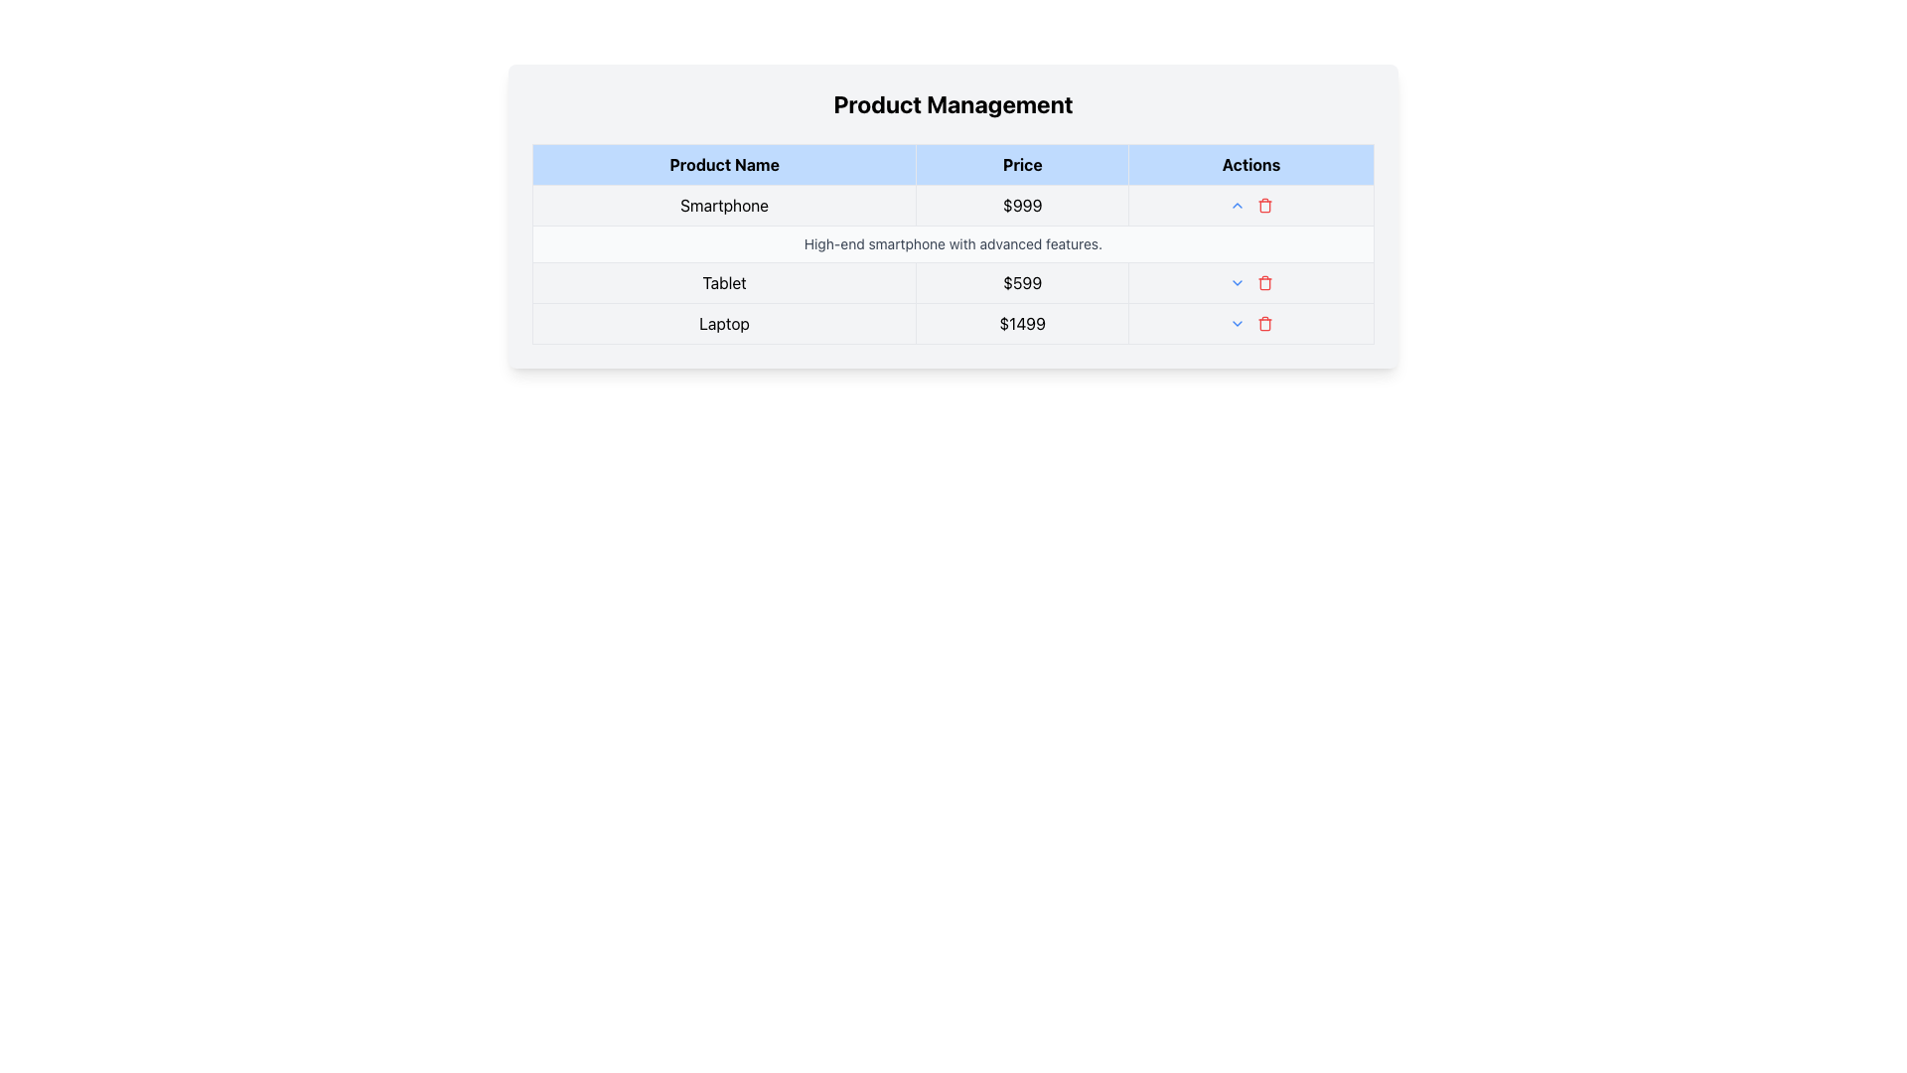 The width and height of the screenshot is (1907, 1073). Describe the element at coordinates (1022, 323) in the screenshot. I see `the price text label for the 'Laptop' product located in the last row of the table under the 'Price' column, positioned between the 'Laptop' cell and the actions column` at that location.